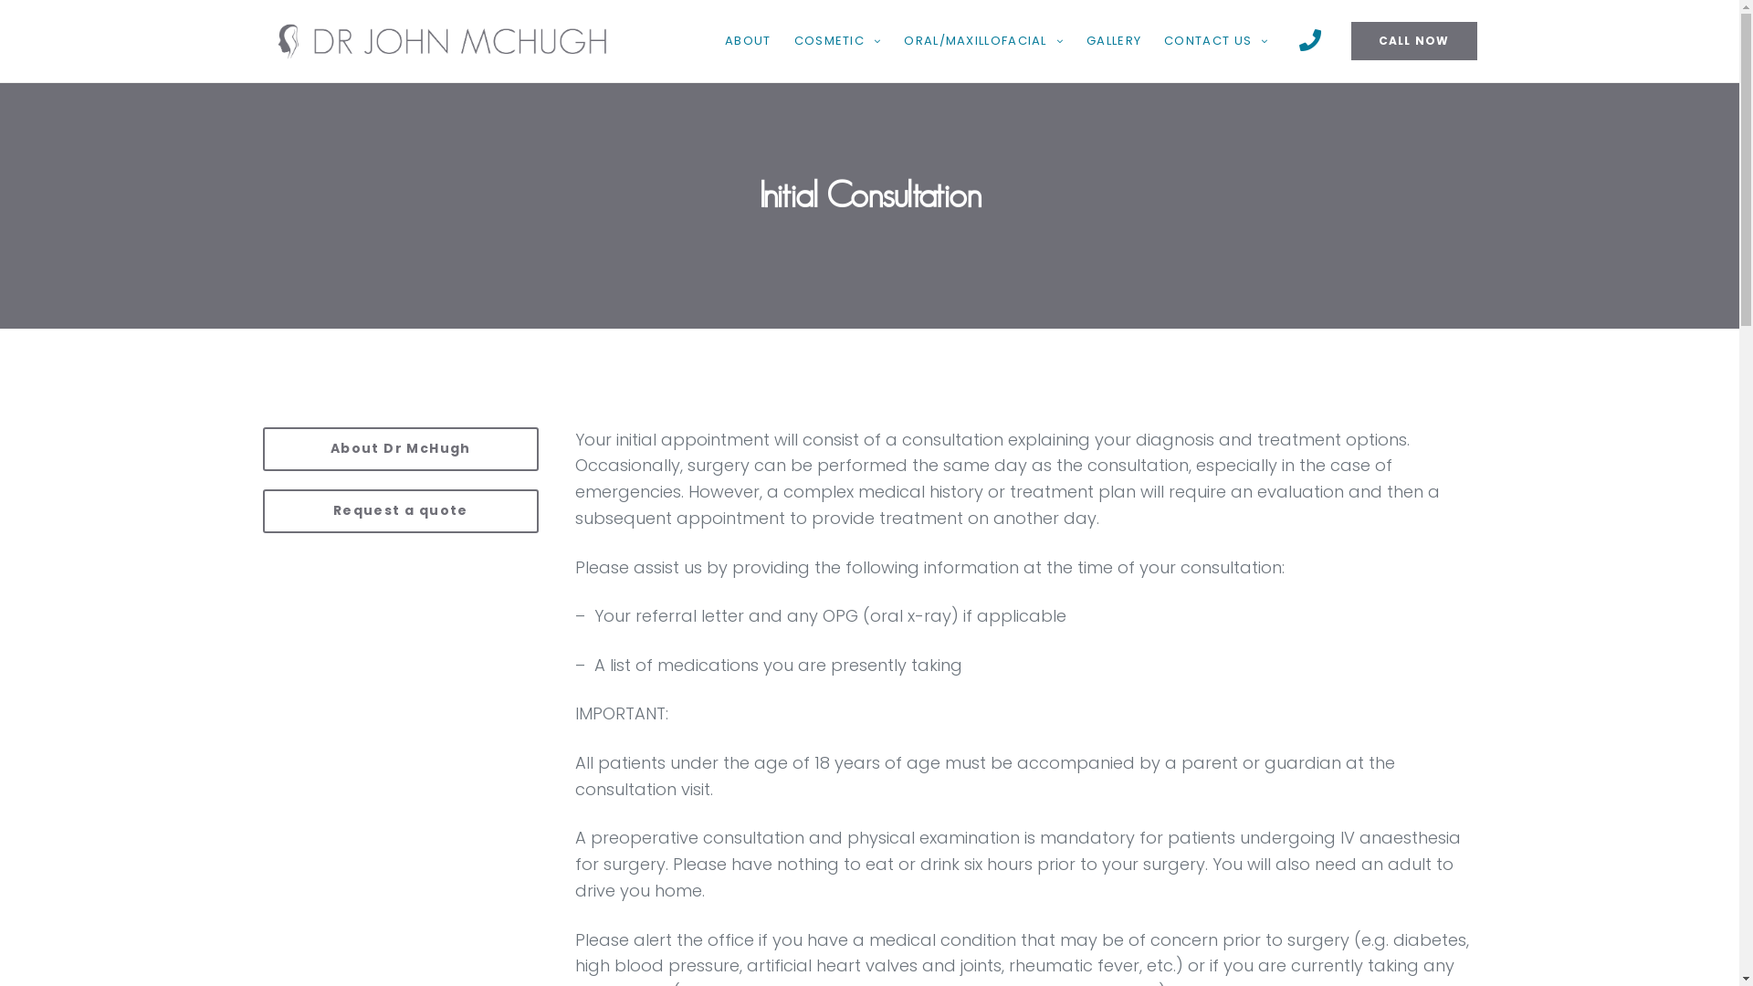  What do you see at coordinates (400, 510) in the screenshot?
I see `'Request a quote'` at bounding box center [400, 510].